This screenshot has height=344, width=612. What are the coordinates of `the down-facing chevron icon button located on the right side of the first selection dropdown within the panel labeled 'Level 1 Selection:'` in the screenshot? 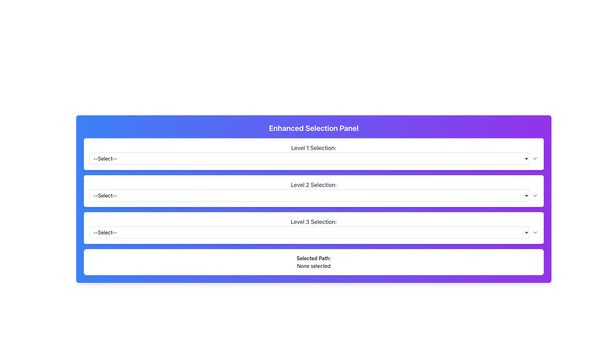 It's located at (535, 158).